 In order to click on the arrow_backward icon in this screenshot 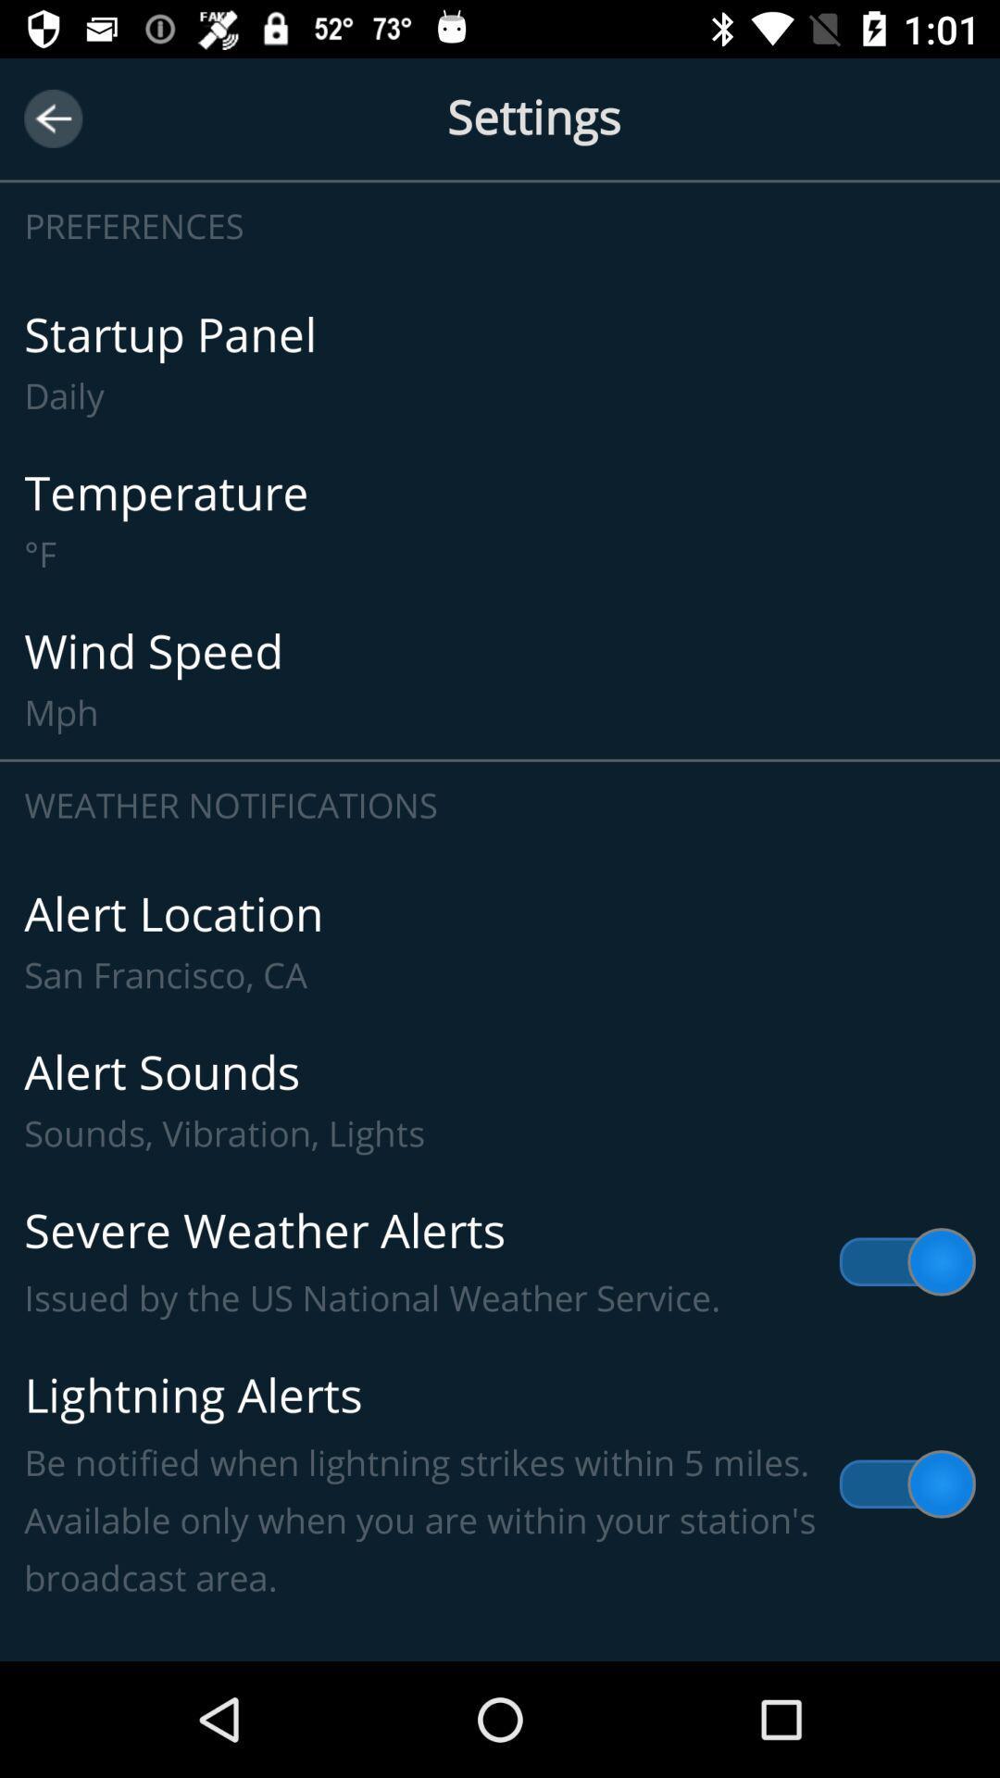, I will do `click(52, 118)`.